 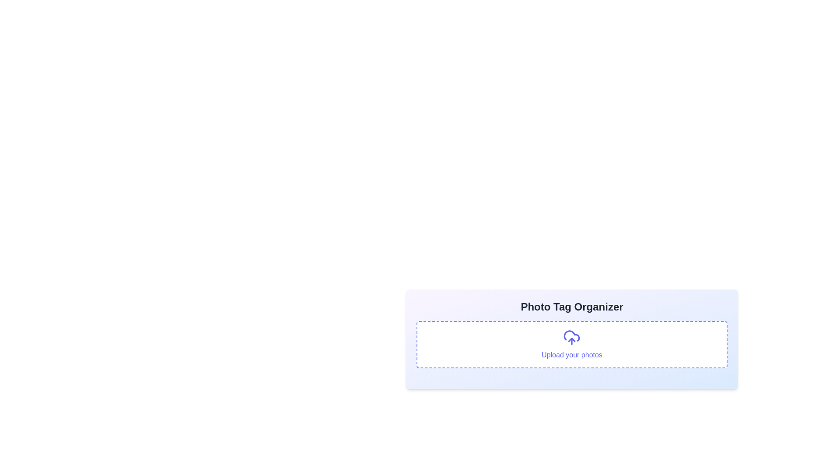 I want to click on text of the Header element titled 'Photo Tag Organizer', which is located at the top of a rectangular card with a gradient background, so click(x=572, y=307).